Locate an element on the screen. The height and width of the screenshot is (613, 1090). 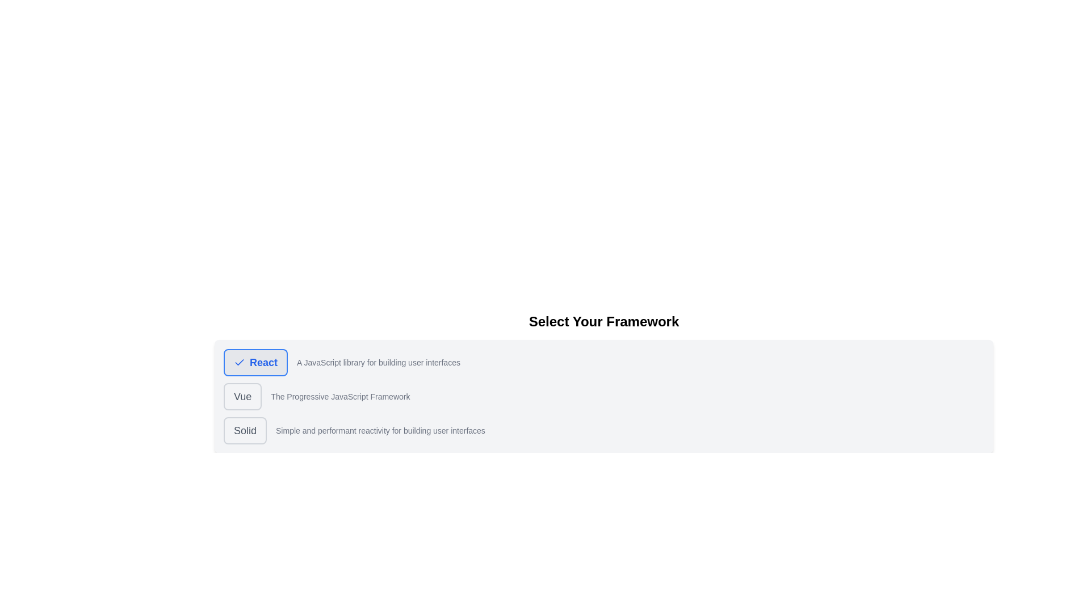
the 'Vue' framework selection button, which is the second of three vertically arranged buttons, located below the 'React' button and above the 'Solid' button is located at coordinates (242, 396).